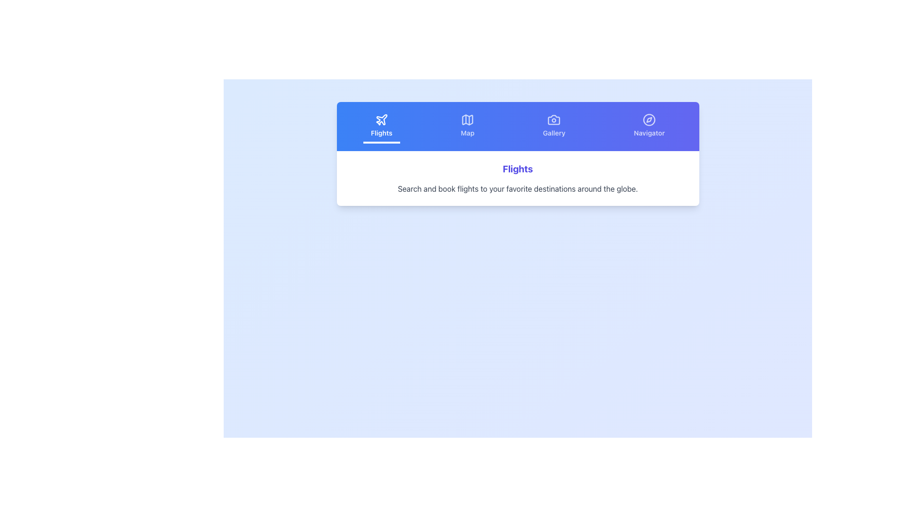 This screenshot has height=510, width=906. Describe the element at coordinates (554, 119) in the screenshot. I see `the top section of the camera icon representing the 'Gallery' tab functionality within the interface` at that location.